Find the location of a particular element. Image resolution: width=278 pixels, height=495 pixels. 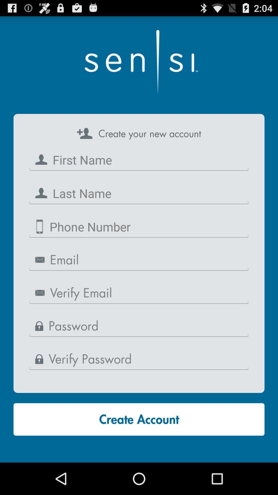

sine in with password is located at coordinates (139, 326).